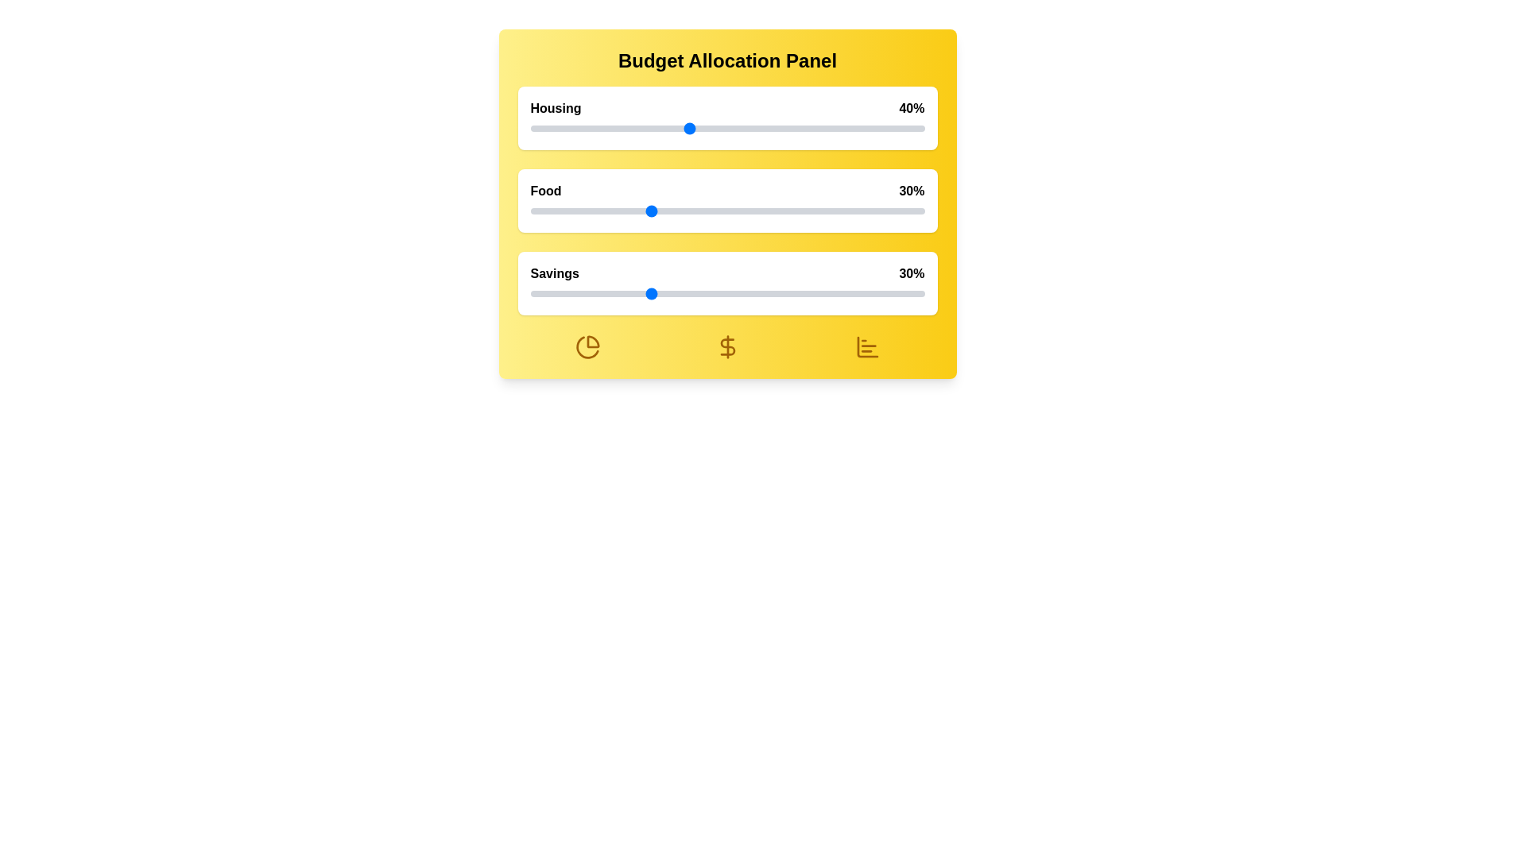 This screenshot has width=1526, height=858. Describe the element at coordinates (726, 346) in the screenshot. I see `the dollar symbol icon, which is centrally positioned at the bottom of a yellow background panel, to initiate a monetary-related function` at that location.